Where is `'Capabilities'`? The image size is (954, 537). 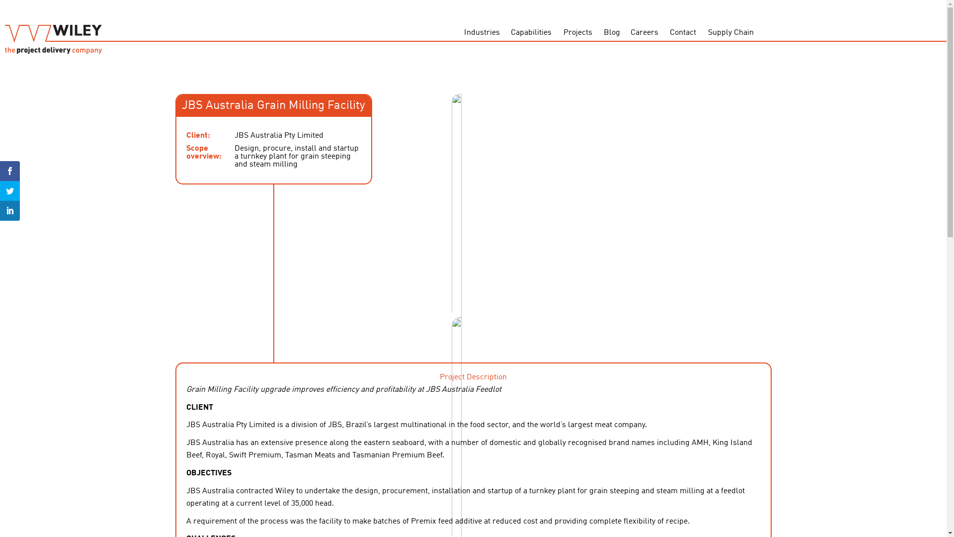
'Capabilities' is located at coordinates (505, 32).